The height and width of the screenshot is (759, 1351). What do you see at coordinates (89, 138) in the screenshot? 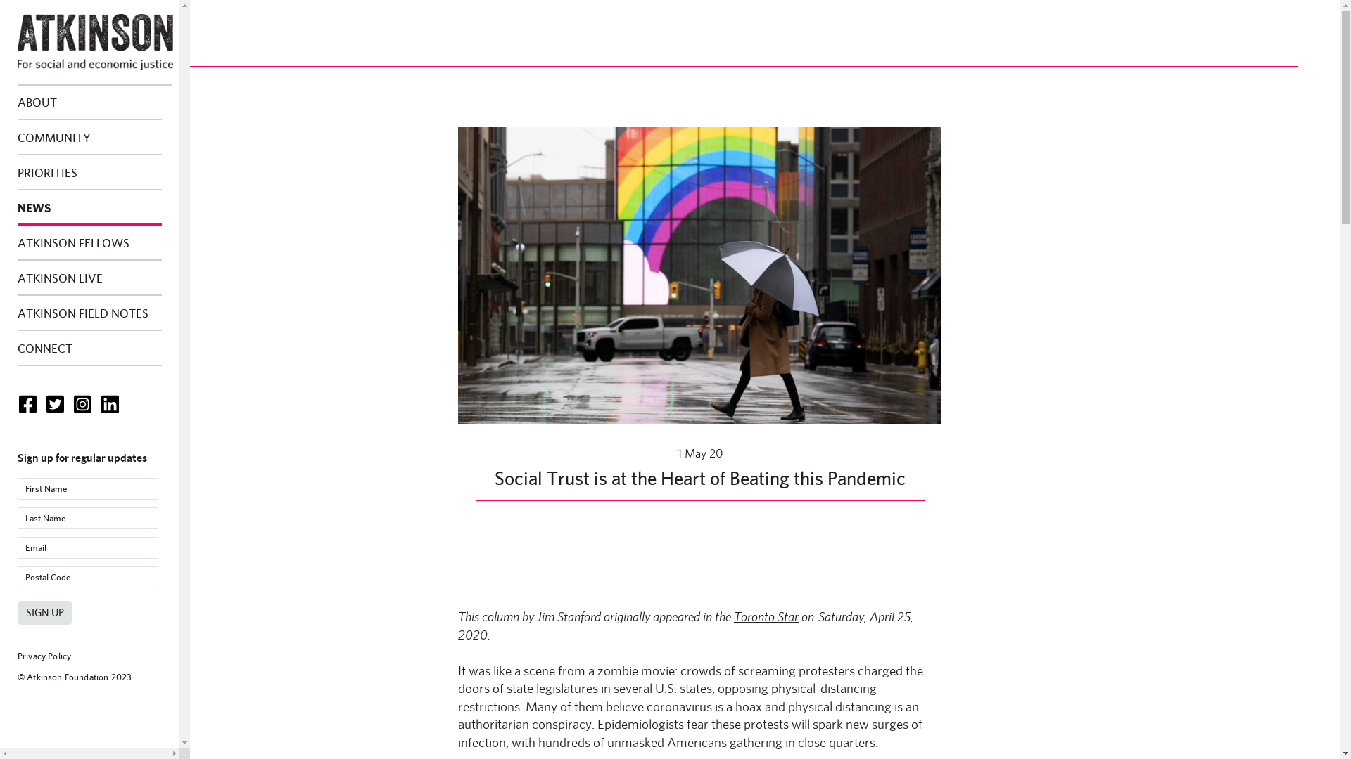
I see `'COMMUNITY'` at bounding box center [89, 138].